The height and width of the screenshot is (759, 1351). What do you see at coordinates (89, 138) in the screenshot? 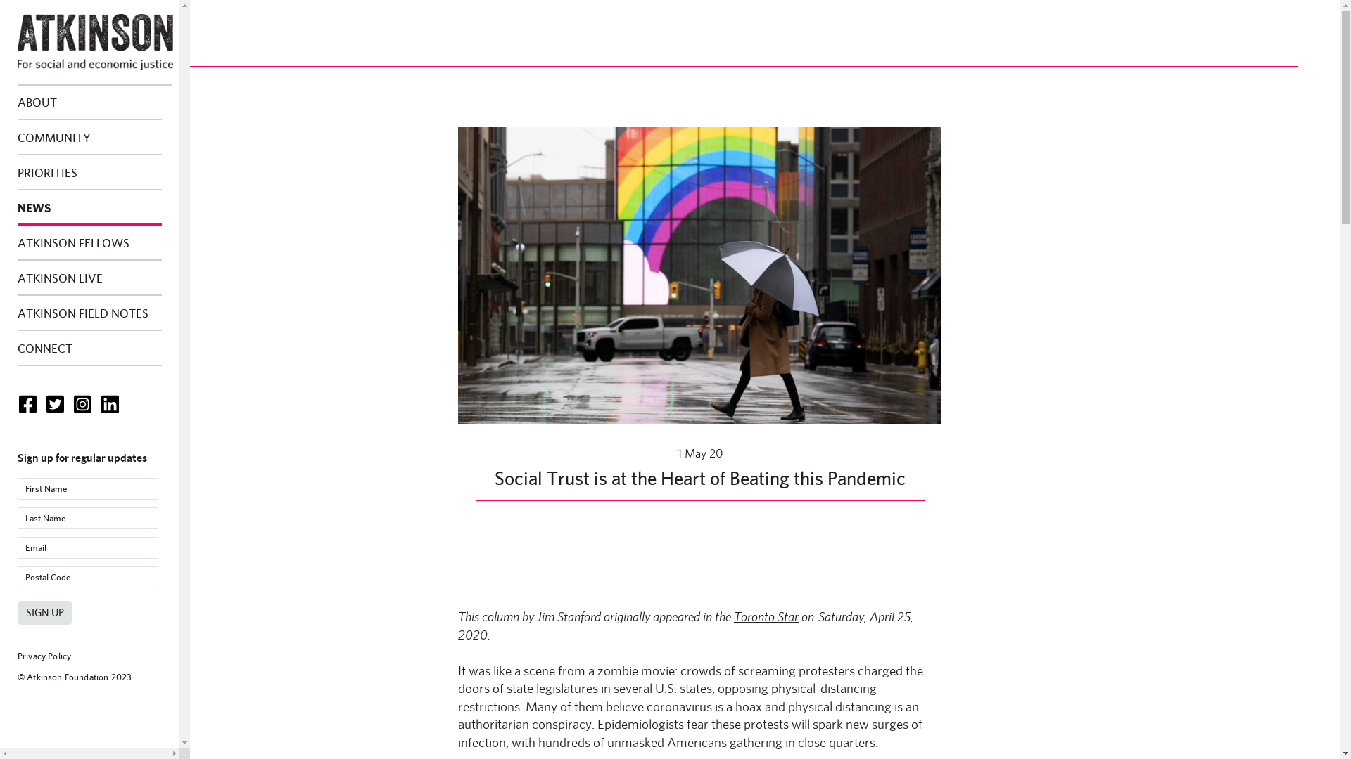
I see `'COMMUNITY'` at bounding box center [89, 138].